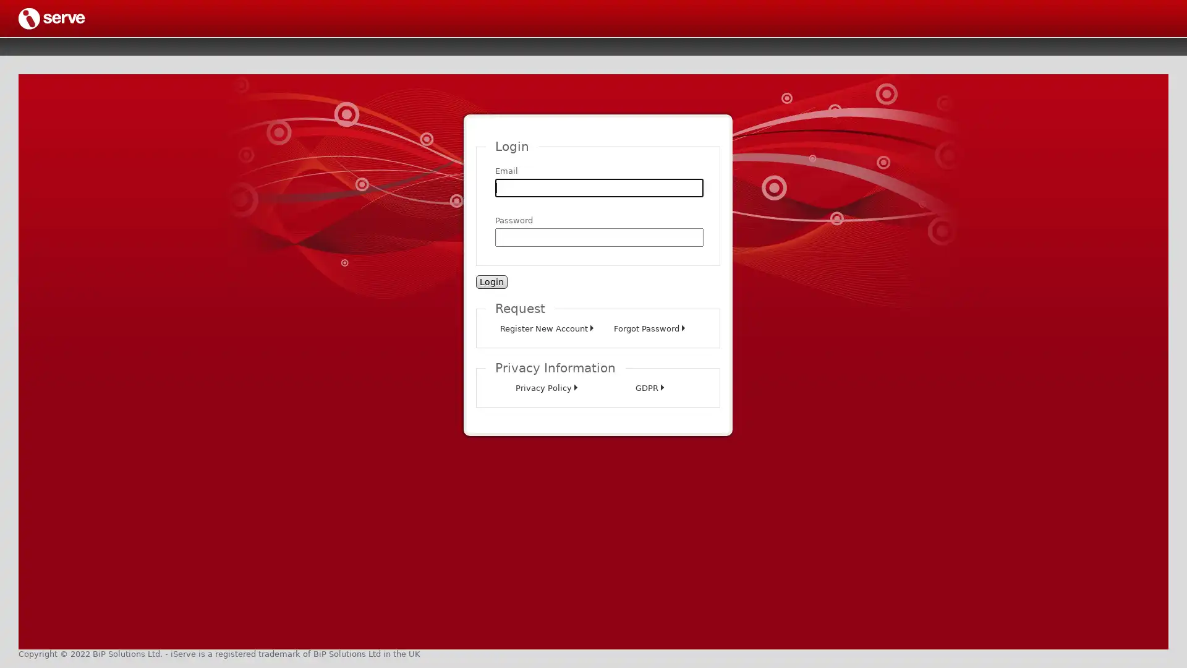  Describe the element at coordinates (491, 281) in the screenshot. I see `Login` at that location.